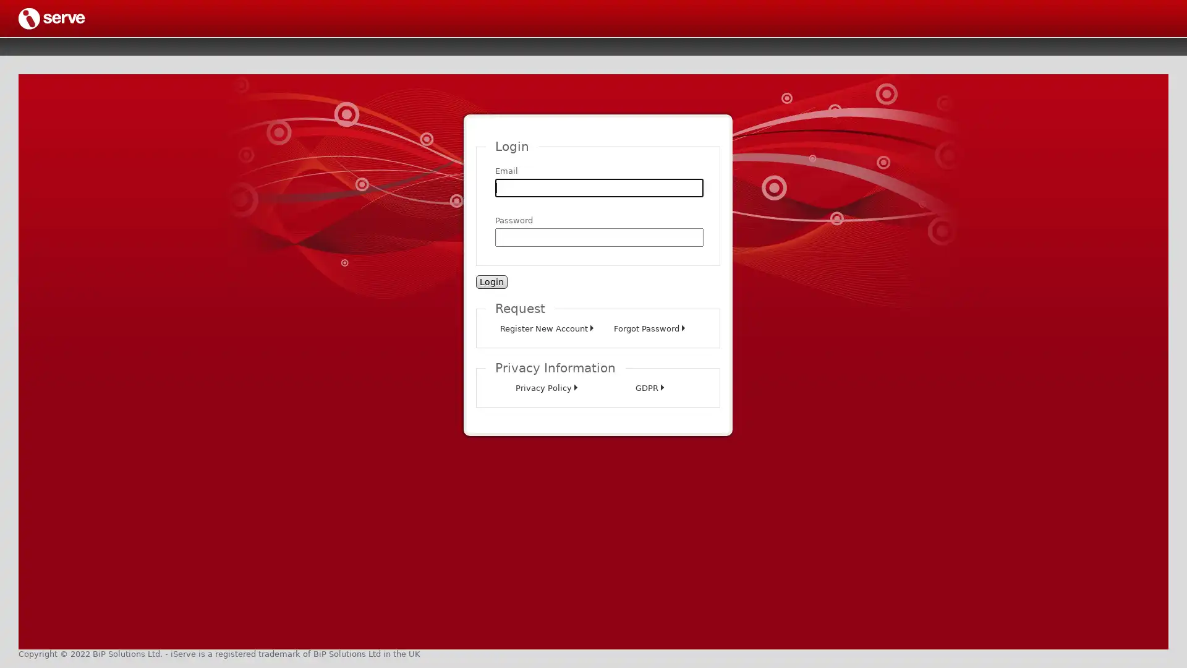  Describe the element at coordinates (491, 281) in the screenshot. I see `Login` at that location.